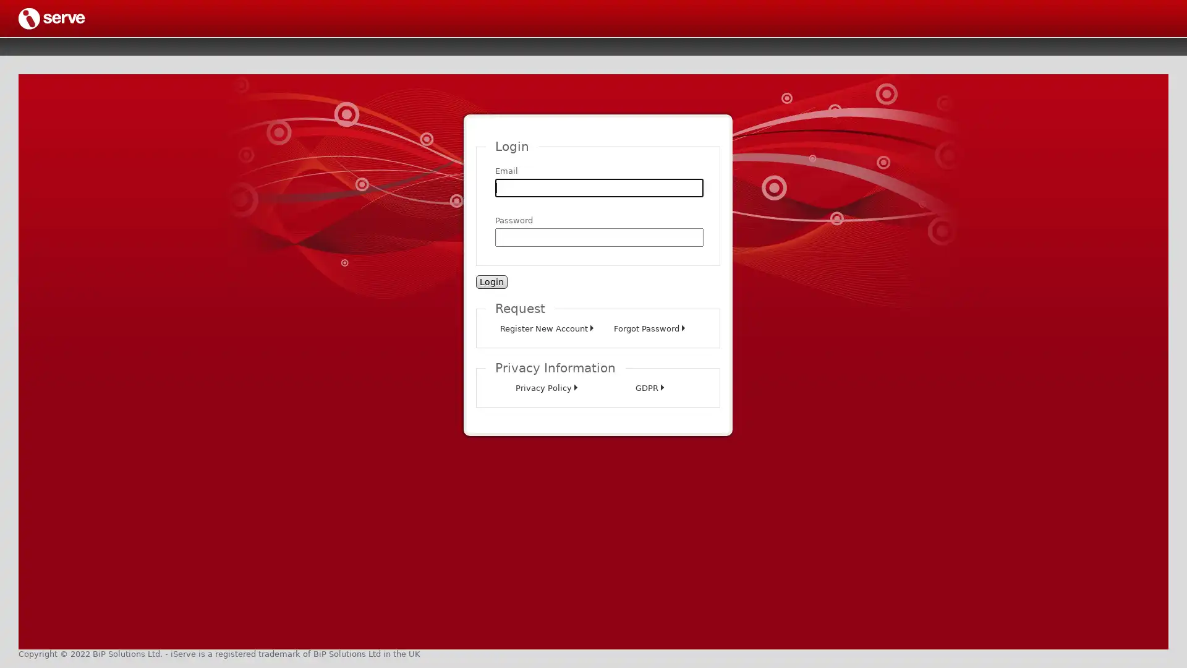  Describe the element at coordinates (491, 281) in the screenshot. I see `Login` at that location.